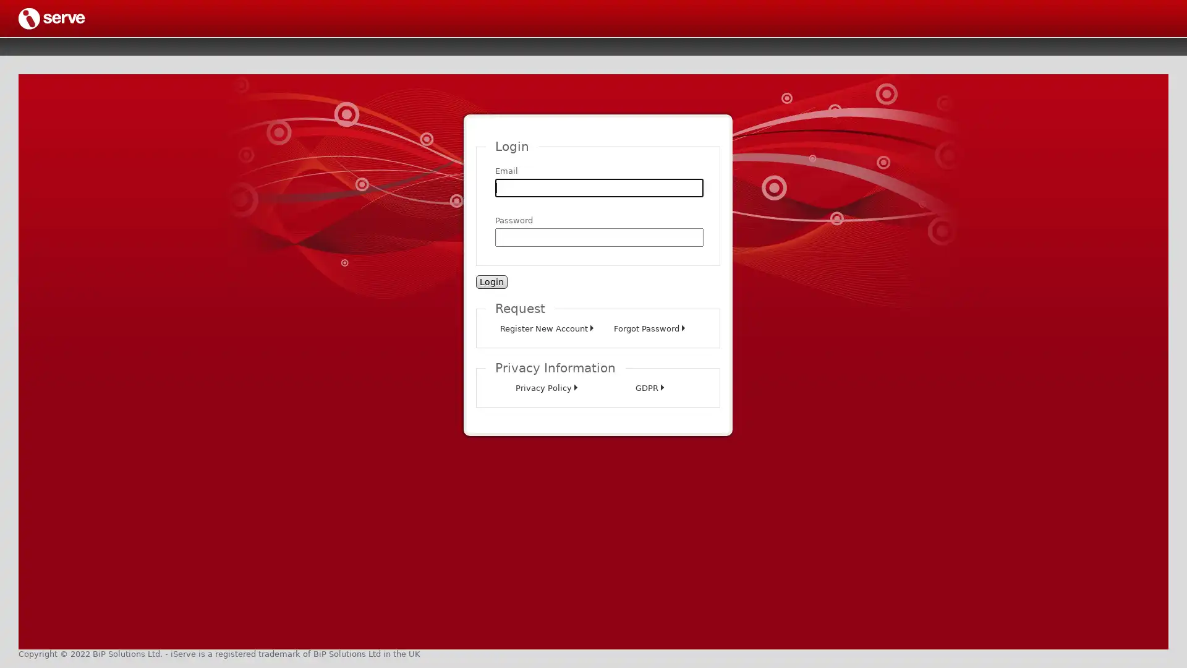  Describe the element at coordinates (491, 281) in the screenshot. I see `Login` at that location.